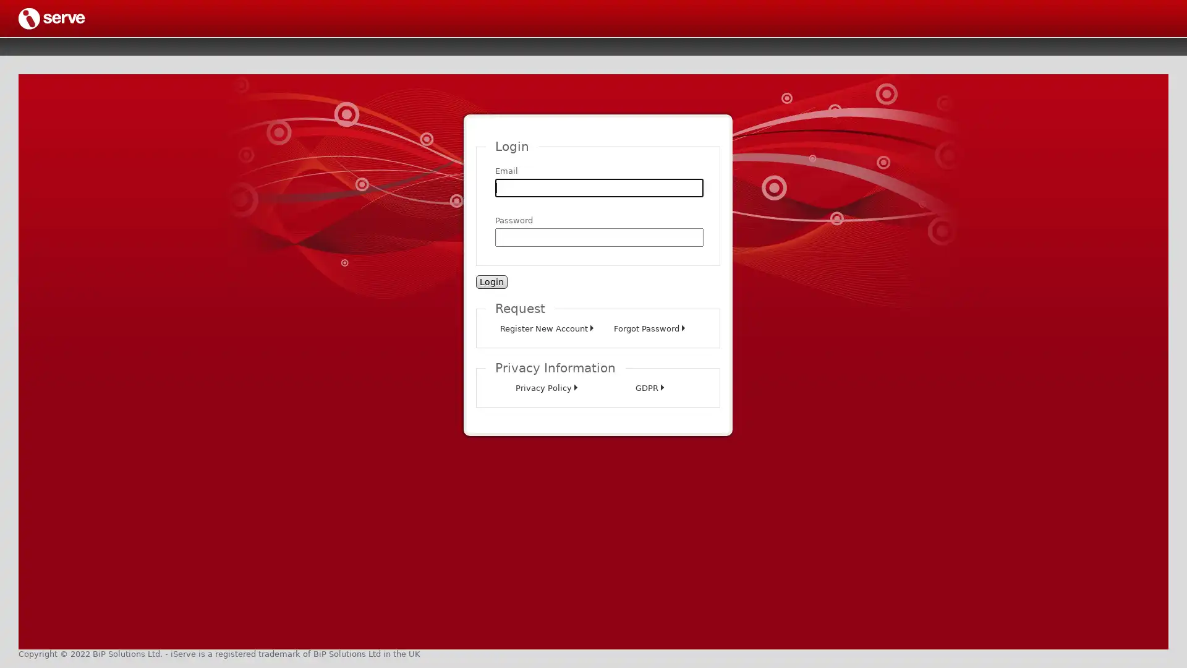  Describe the element at coordinates (491, 281) in the screenshot. I see `Login` at that location.